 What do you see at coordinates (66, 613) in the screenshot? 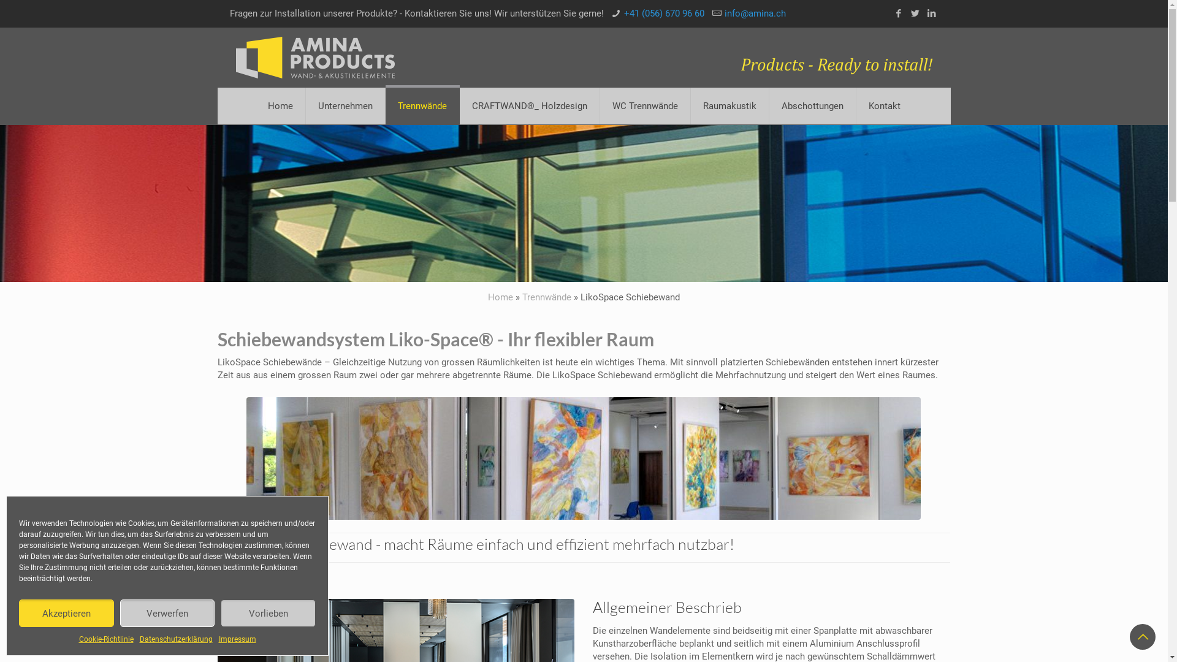
I see `'Akzeptieren'` at bounding box center [66, 613].